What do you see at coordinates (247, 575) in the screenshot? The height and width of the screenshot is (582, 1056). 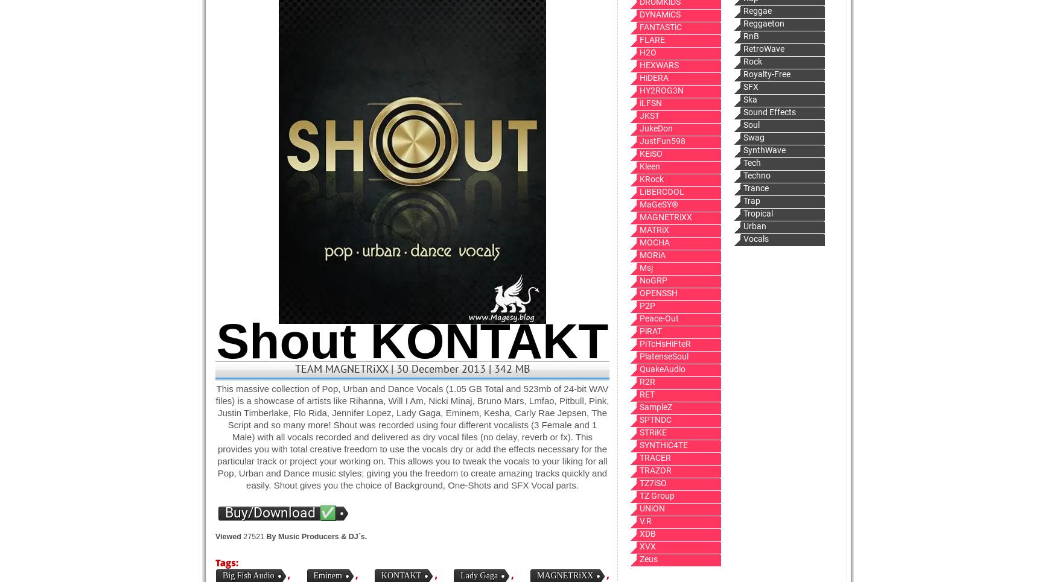 I see `'Big Fish Audio'` at bounding box center [247, 575].